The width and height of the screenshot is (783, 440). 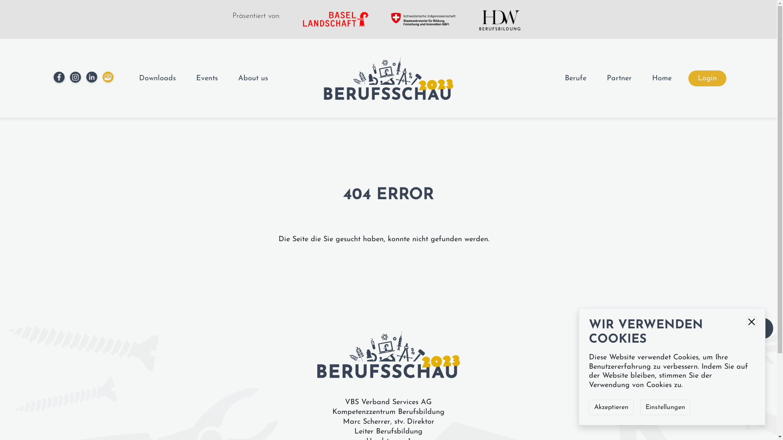 I want to click on 'Akzeptieren', so click(x=589, y=407).